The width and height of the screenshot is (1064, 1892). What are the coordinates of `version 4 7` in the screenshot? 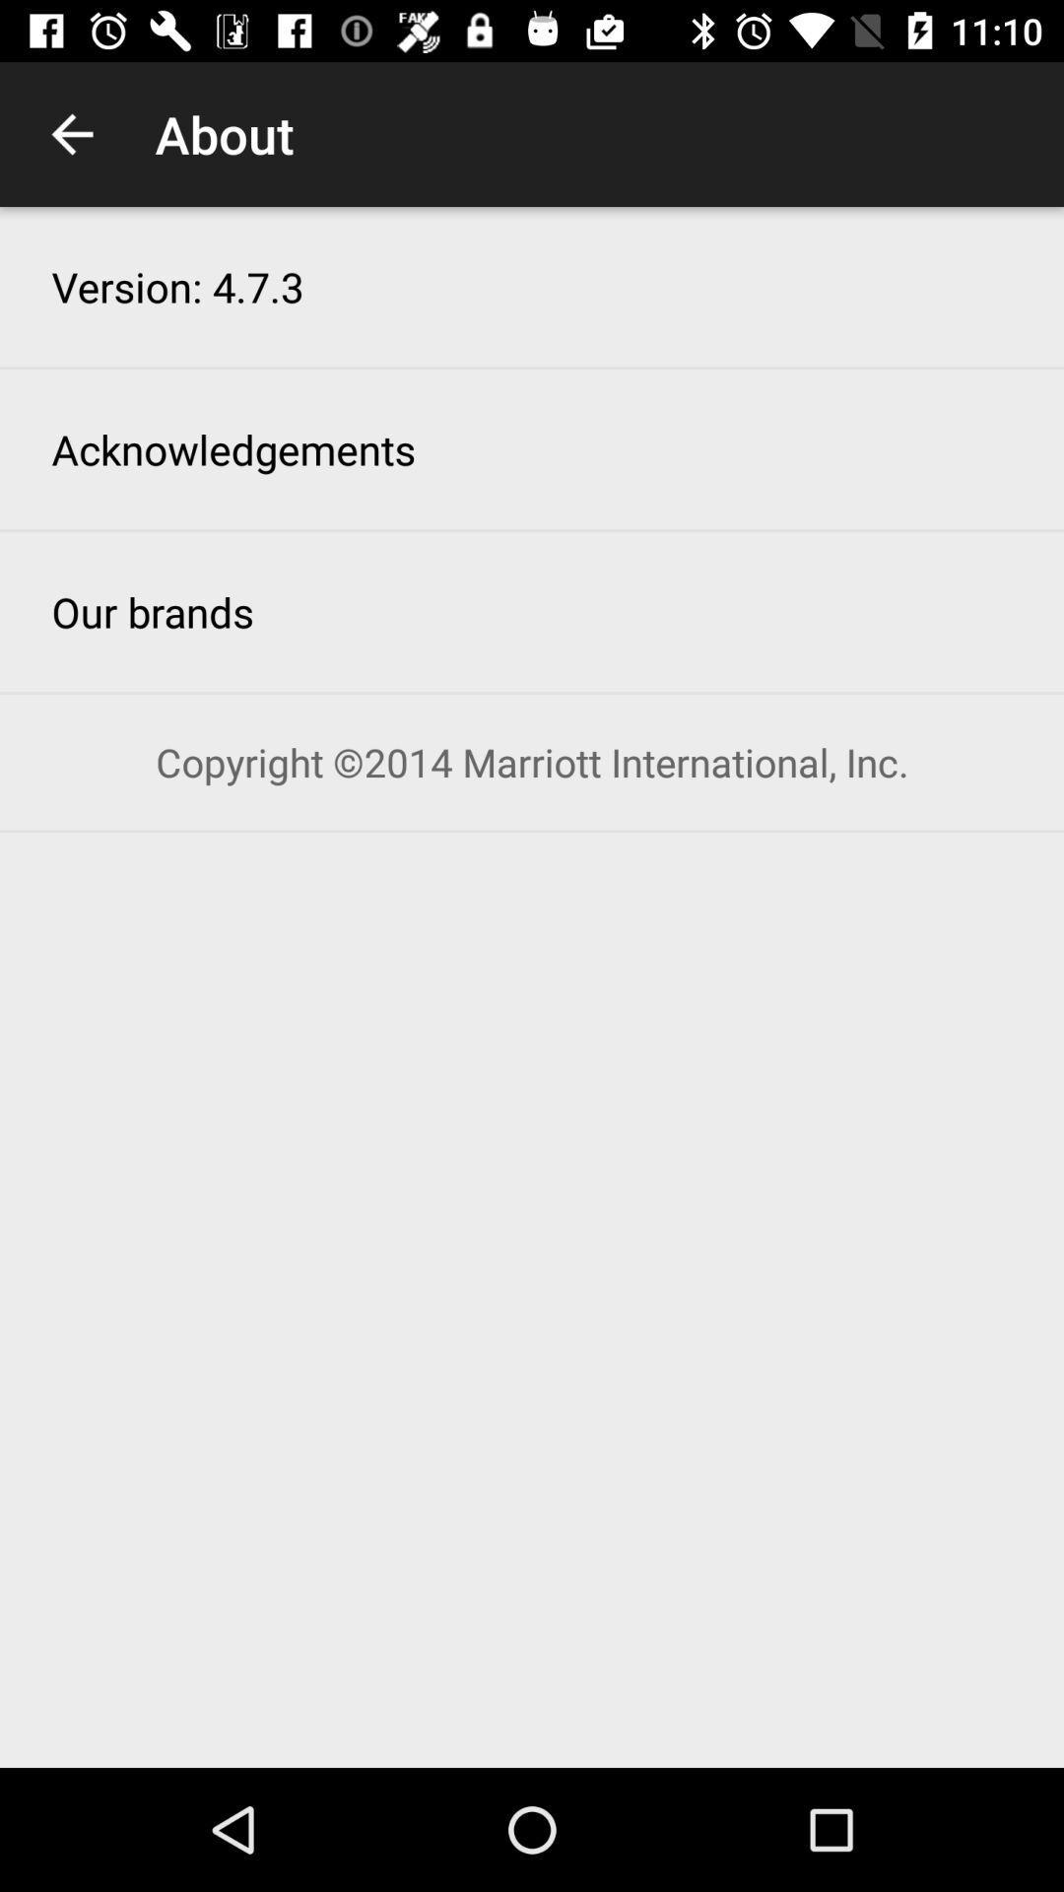 It's located at (177, 286).